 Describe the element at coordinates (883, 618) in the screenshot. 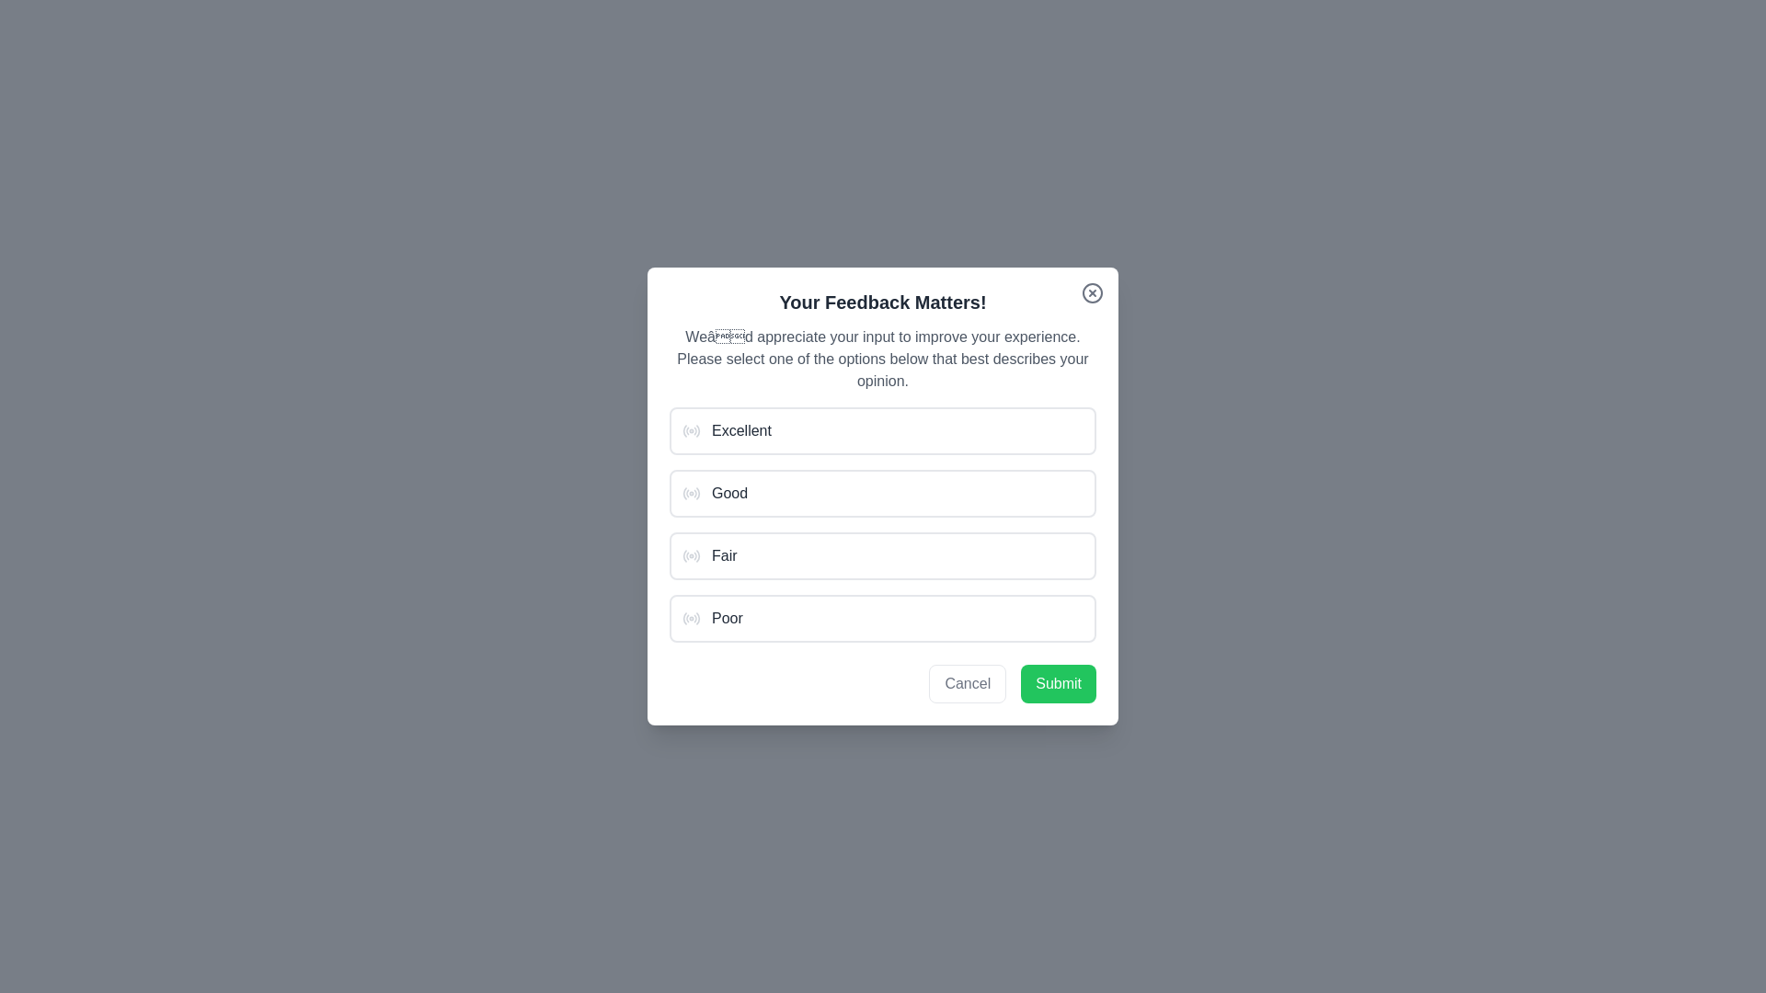

I see `the option 'Poor' from the list` at that location.